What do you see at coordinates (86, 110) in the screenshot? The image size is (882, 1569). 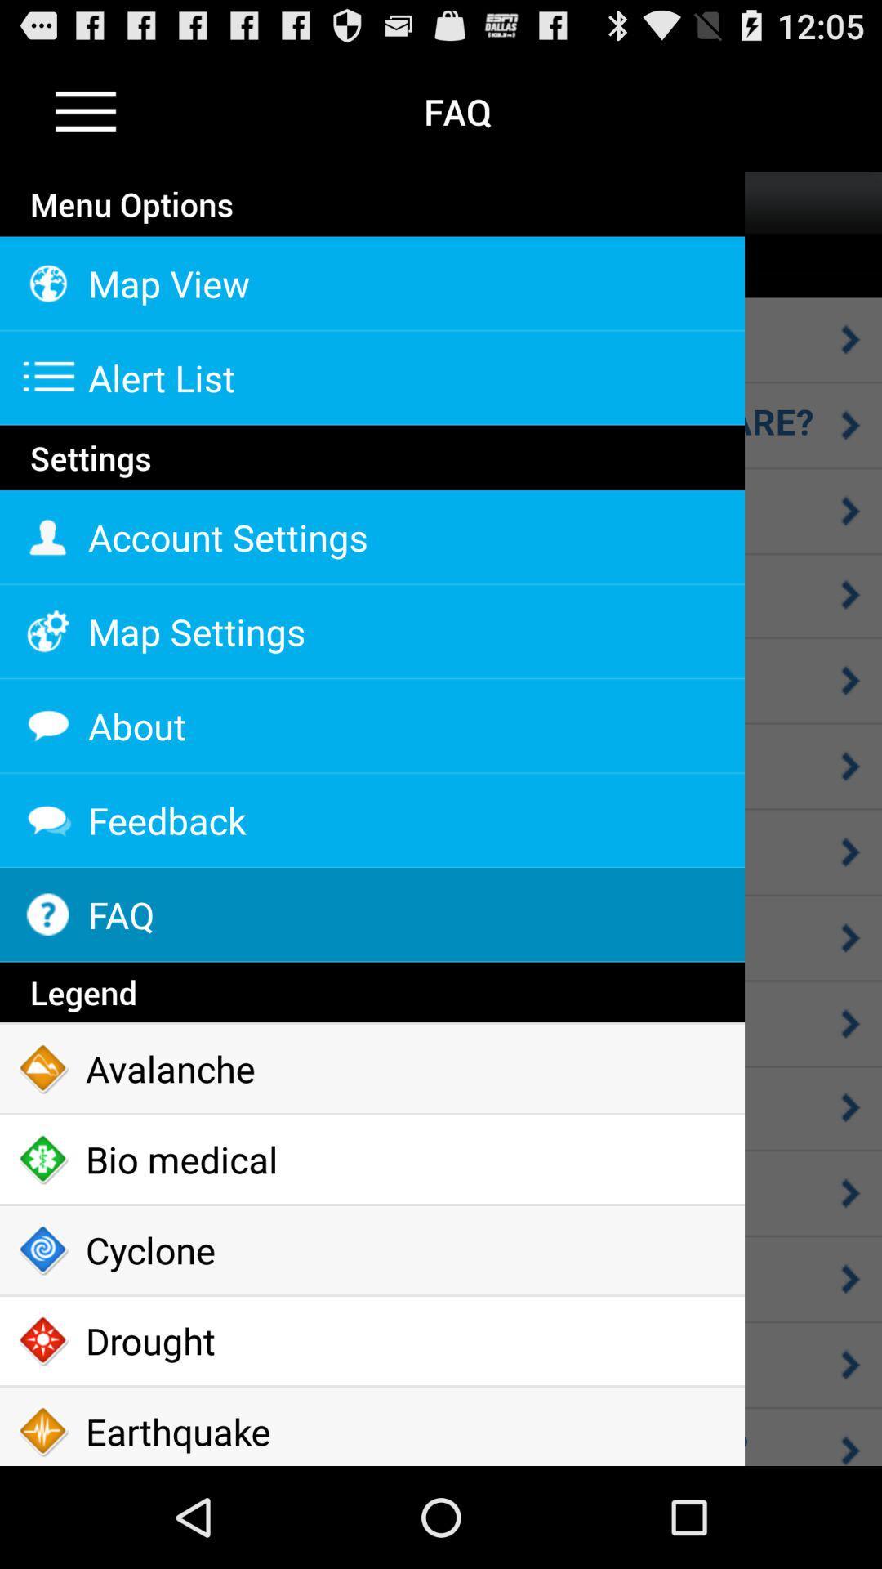 I see `the main menu` at bounding box center [86, 110].